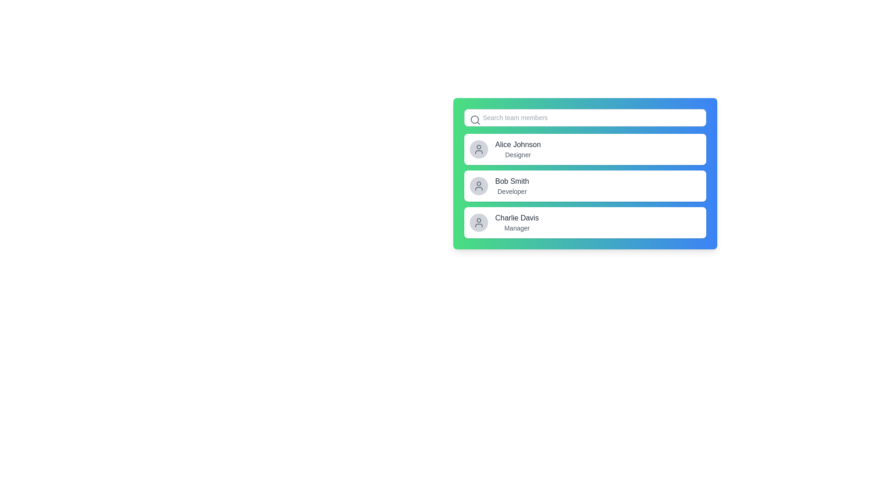  What do you see at coordinates (517, 223) in the screenshot?
I see `the Text Display Unit containing the name 'Charlie Davis' and the descriptor 'Manager'` at bounding box center [517, 223].